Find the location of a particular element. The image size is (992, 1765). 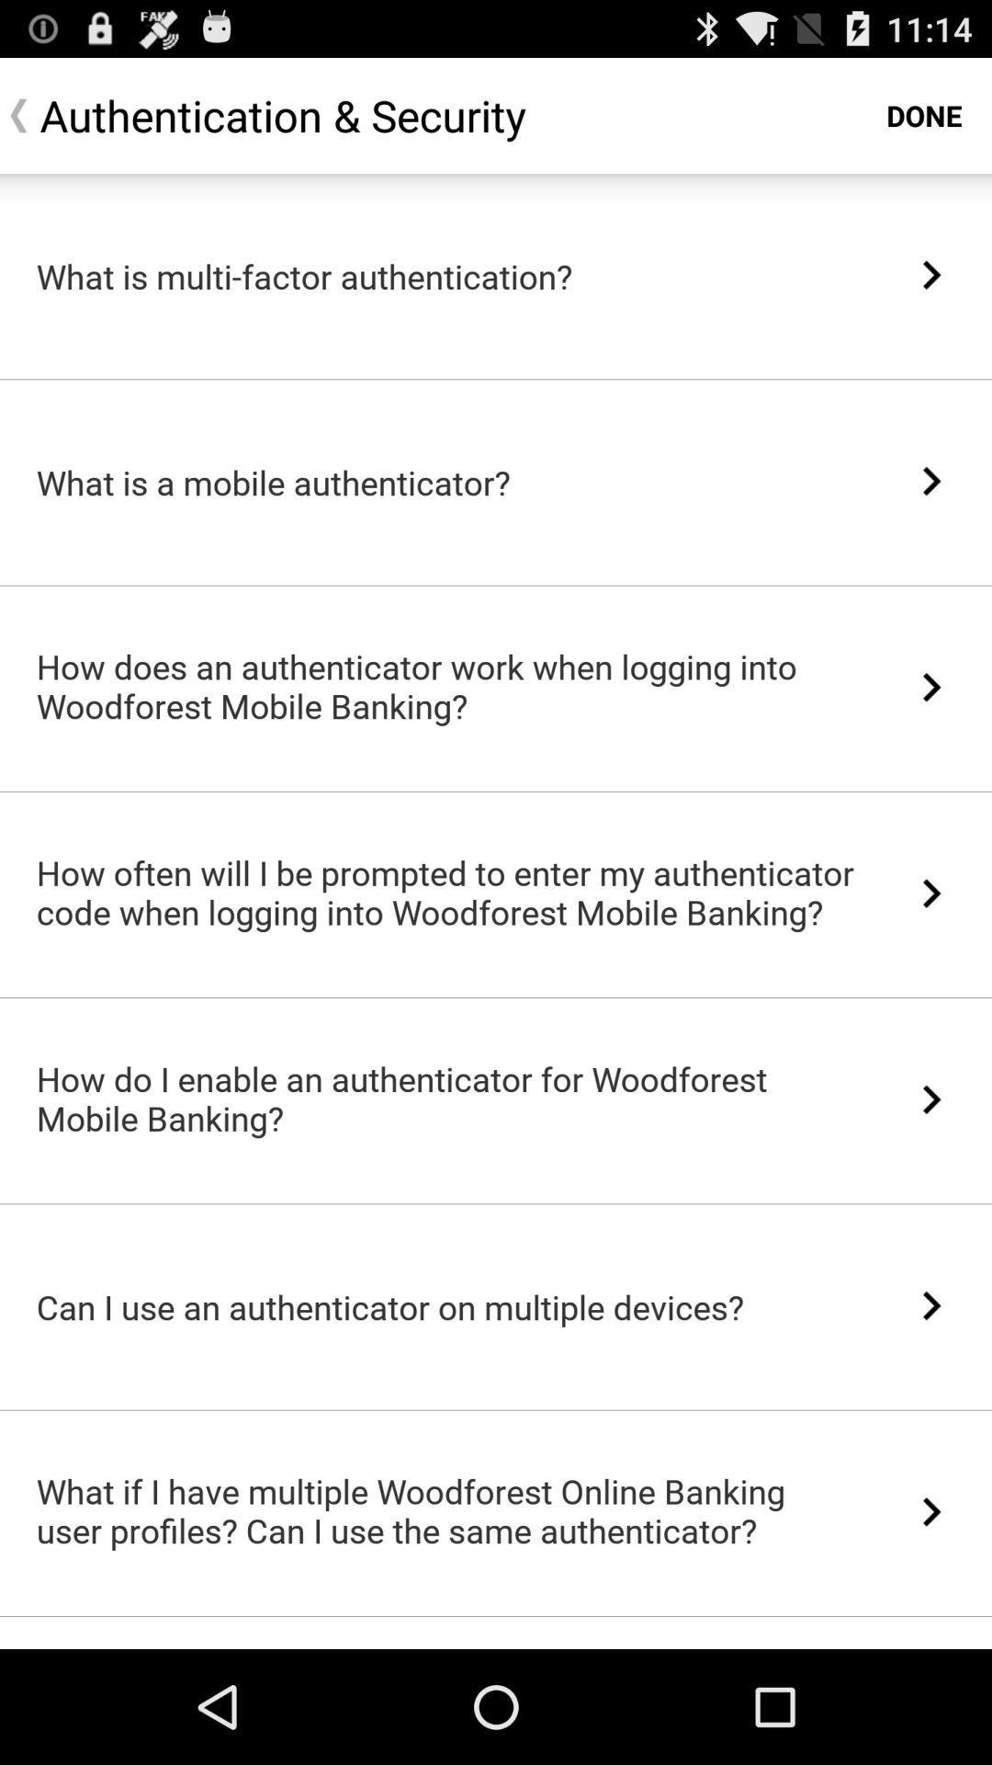

the item to the right of the what is a icon is located at coordinates (931, 481).